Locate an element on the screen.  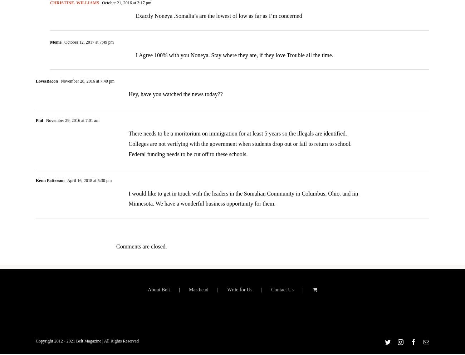
'Copyright 2012 - 2021 Belt Magazine | All Rights Reserved' is located at coordinates (35, 345).